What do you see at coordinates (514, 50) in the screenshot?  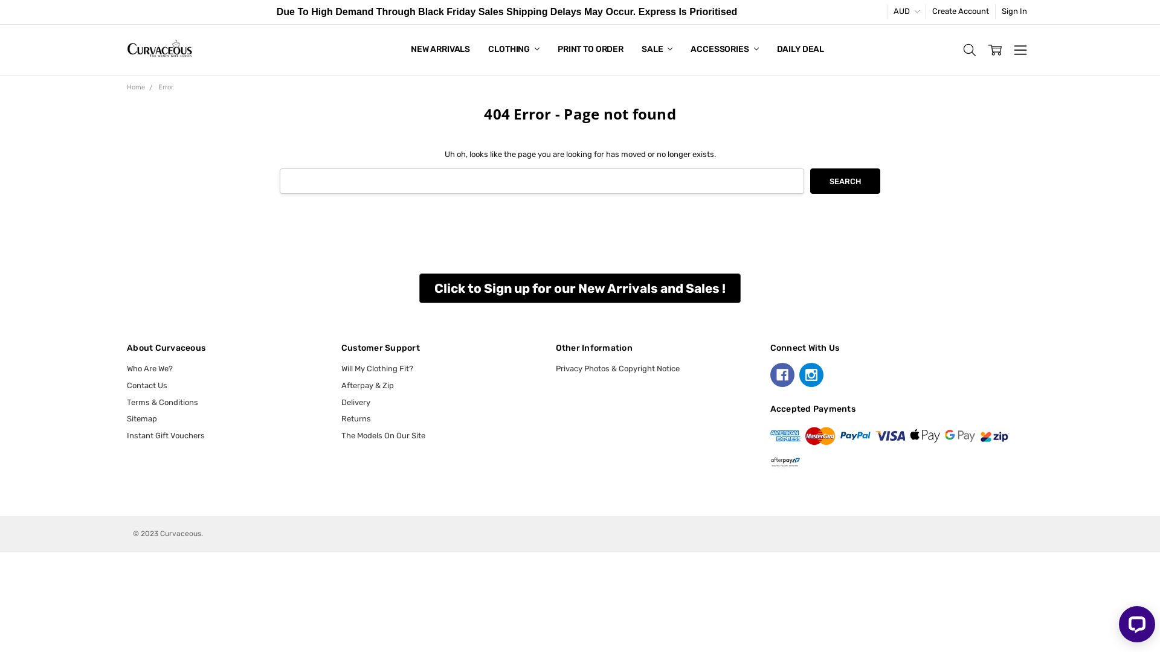 I see `'CLOTHING'` at bounding box center [514, 50].